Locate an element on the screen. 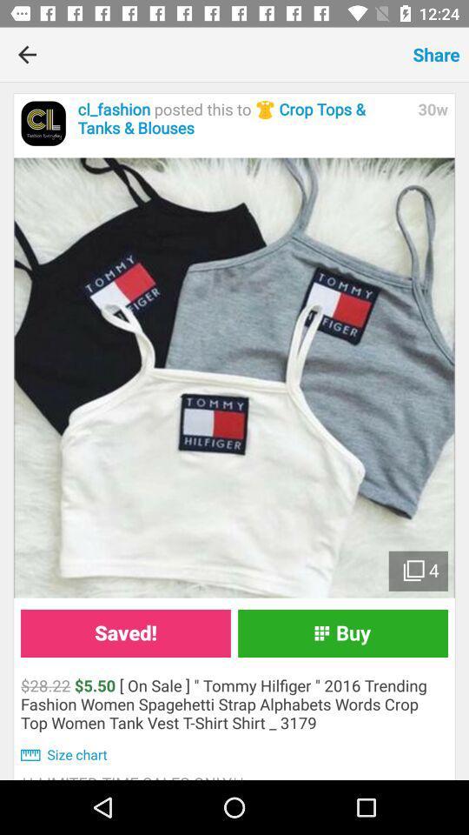 This screenshot has height=835, width=469. icon to the left of the 30w is located at coordinates (242, 118).